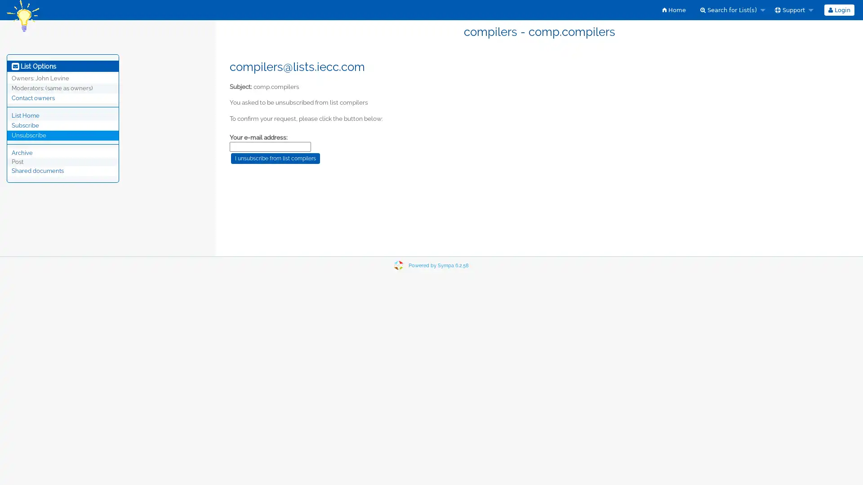 This screenshot has width=863, height=485. What do you see at coordinates (838, 10) in the screenshot?
I see `Login` at bounding box center [838, 10].